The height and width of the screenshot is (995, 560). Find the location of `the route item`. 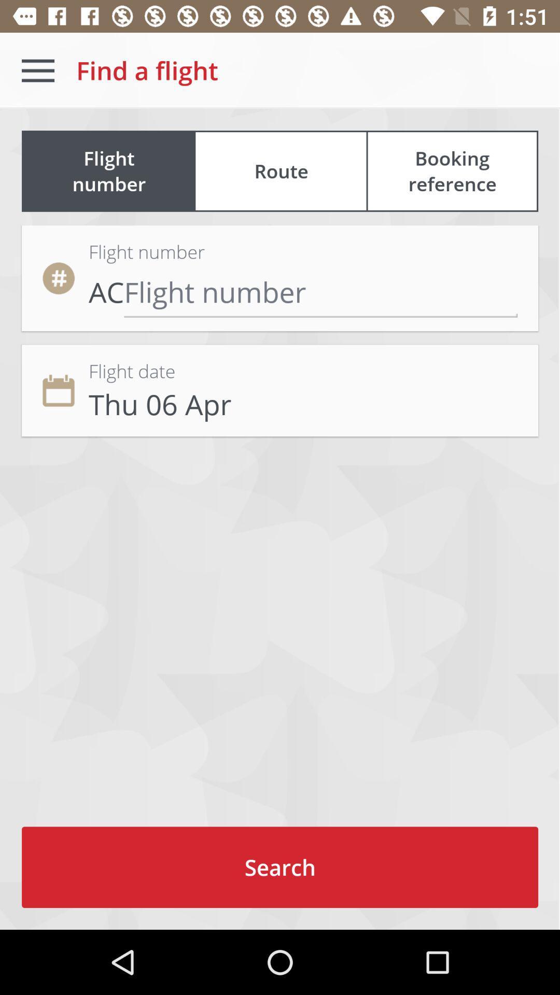

the route item is located at coordinates (281, 171).